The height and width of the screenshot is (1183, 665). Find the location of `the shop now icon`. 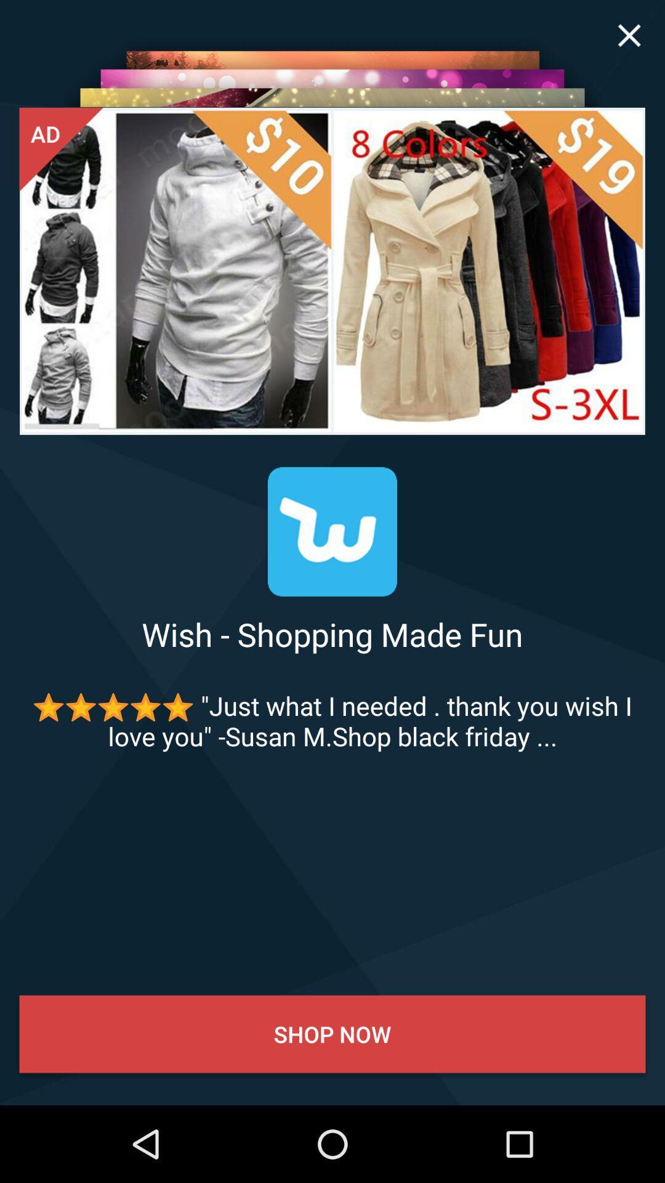

the shop now icon is located at coordinates (332, 1034).